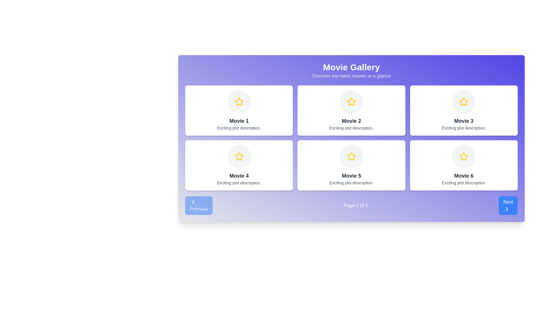 The height and width of the screenshot is (315, 560). I want to click on the yellow star-shaped icon, which is the centered star icon under the 'Movie 2' card in the second column of the first row in the displayed grid layout, so click(351, 101).